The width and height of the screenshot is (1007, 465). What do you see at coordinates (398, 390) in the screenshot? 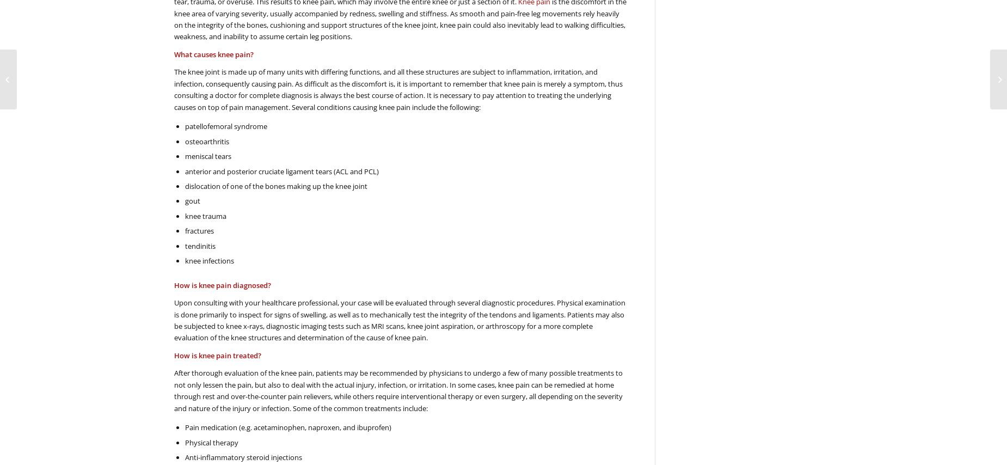
I see `'After thorough evaluation of the knee pain, patients may be recommended by physicians to undergo a few of many possible treatments to not only lessen the pain, but also to deal with the actual injury, infection, or irritation. In some cases, knee pain can be remedied at home through rest and over-the-counter pain relievers, while others require interventional therapy or even surgery, all depending on the severity and nature of the injury or infection. Some of the common treatments include:'` at bounding box center [398, 390].